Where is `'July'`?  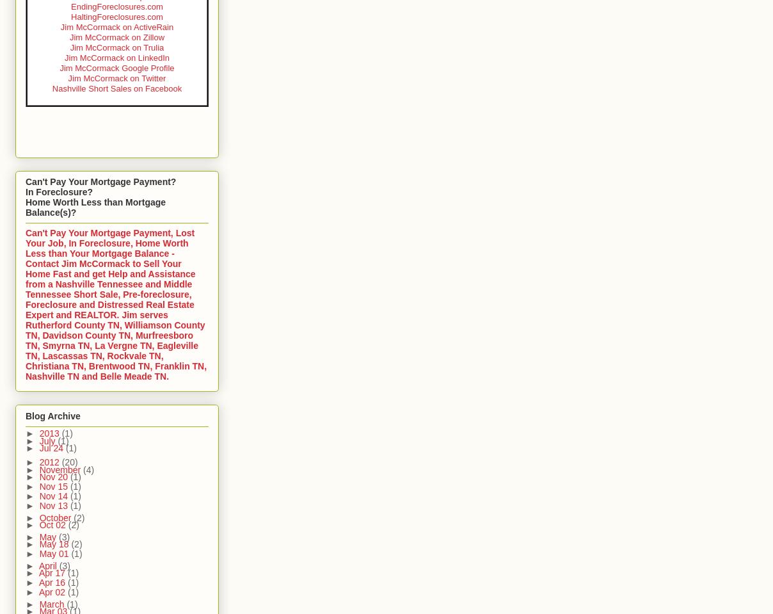 'July' is located at coordinates (47, 439).